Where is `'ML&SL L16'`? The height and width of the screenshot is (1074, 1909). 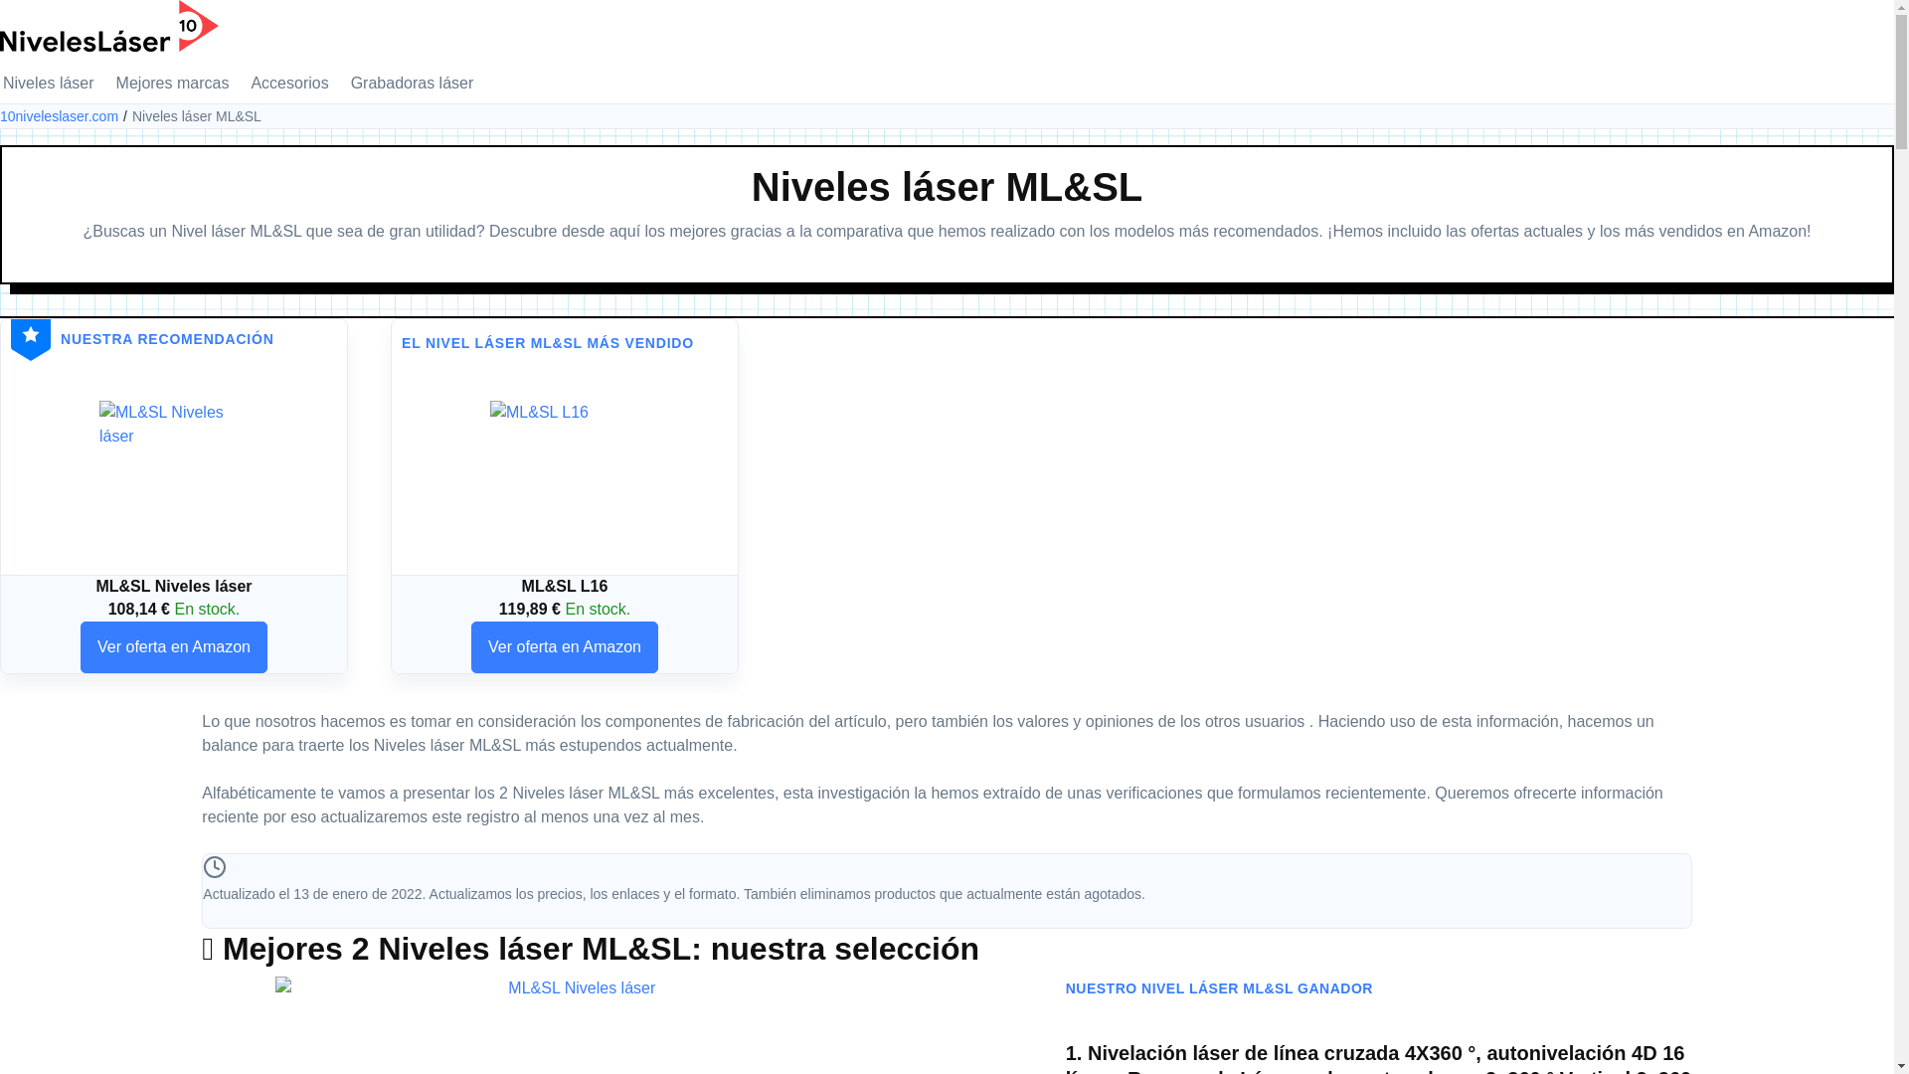 'ML&SL L16' is located at coordinates (563, 475).